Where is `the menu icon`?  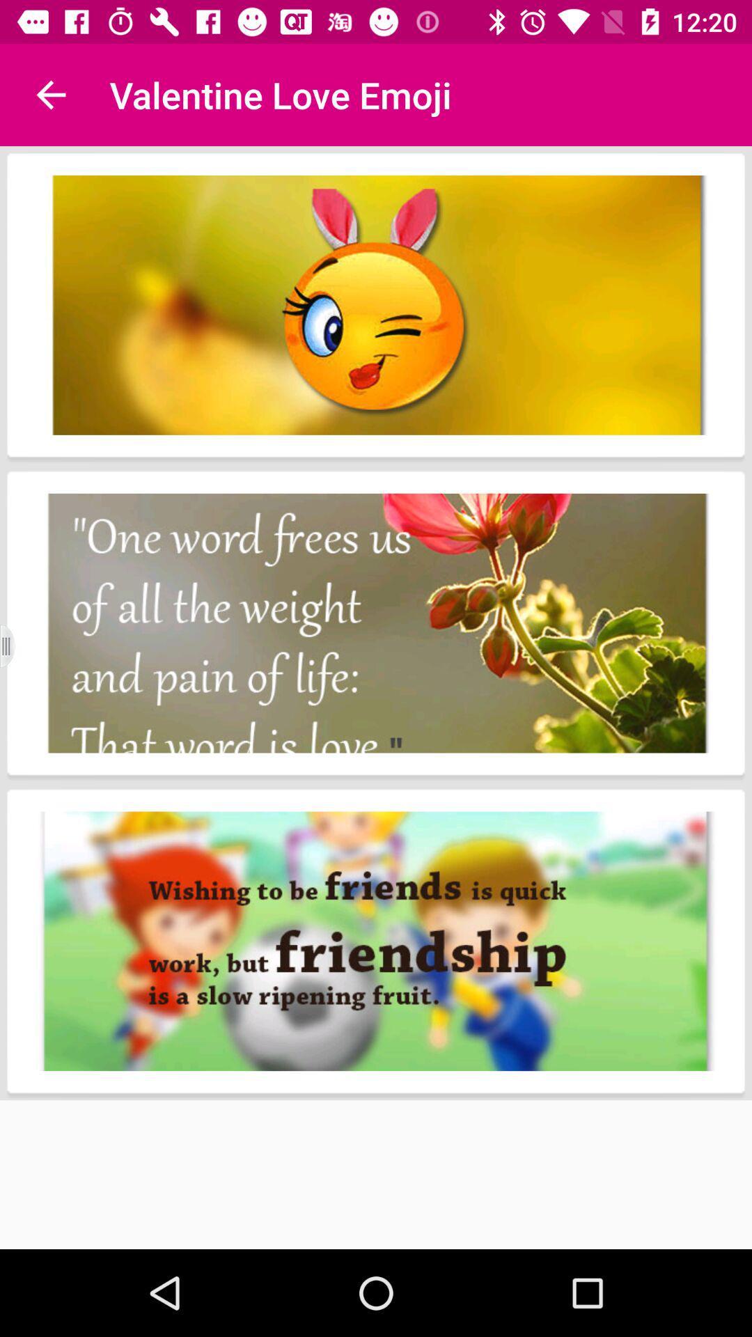
the menu icon is located at coordinates (16, 646).